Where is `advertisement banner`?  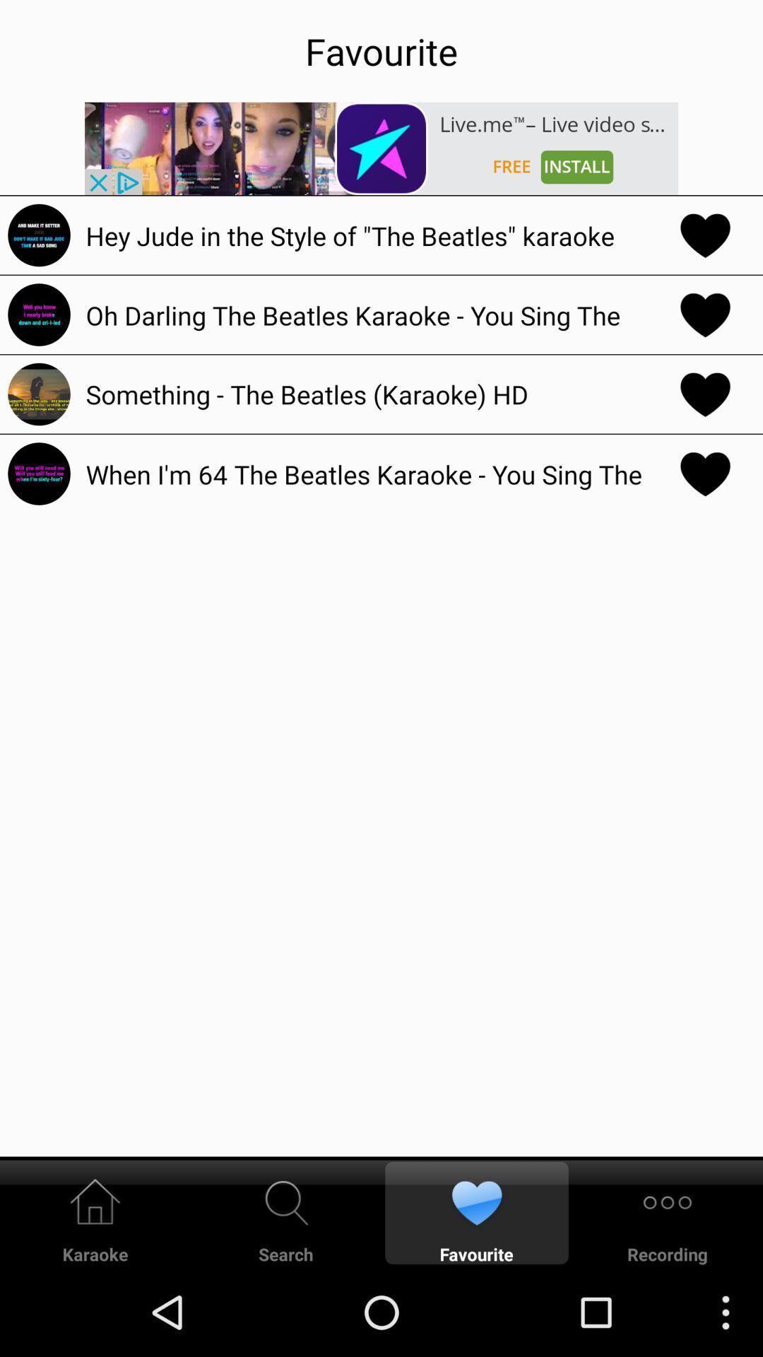
advertisement banner is located at coordinates (381, 148).